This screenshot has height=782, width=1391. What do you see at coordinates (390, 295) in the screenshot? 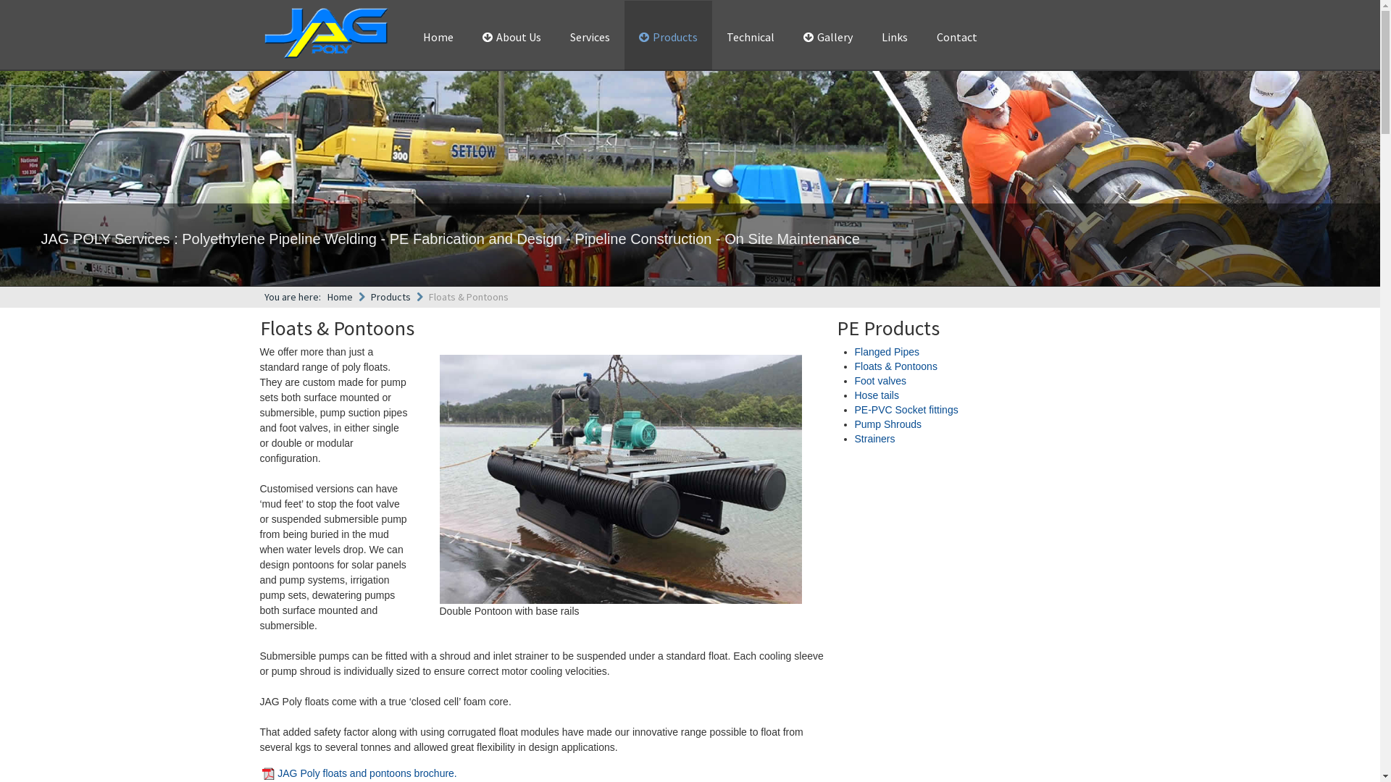
I see `'Products'` at bounding box center [390, 295].